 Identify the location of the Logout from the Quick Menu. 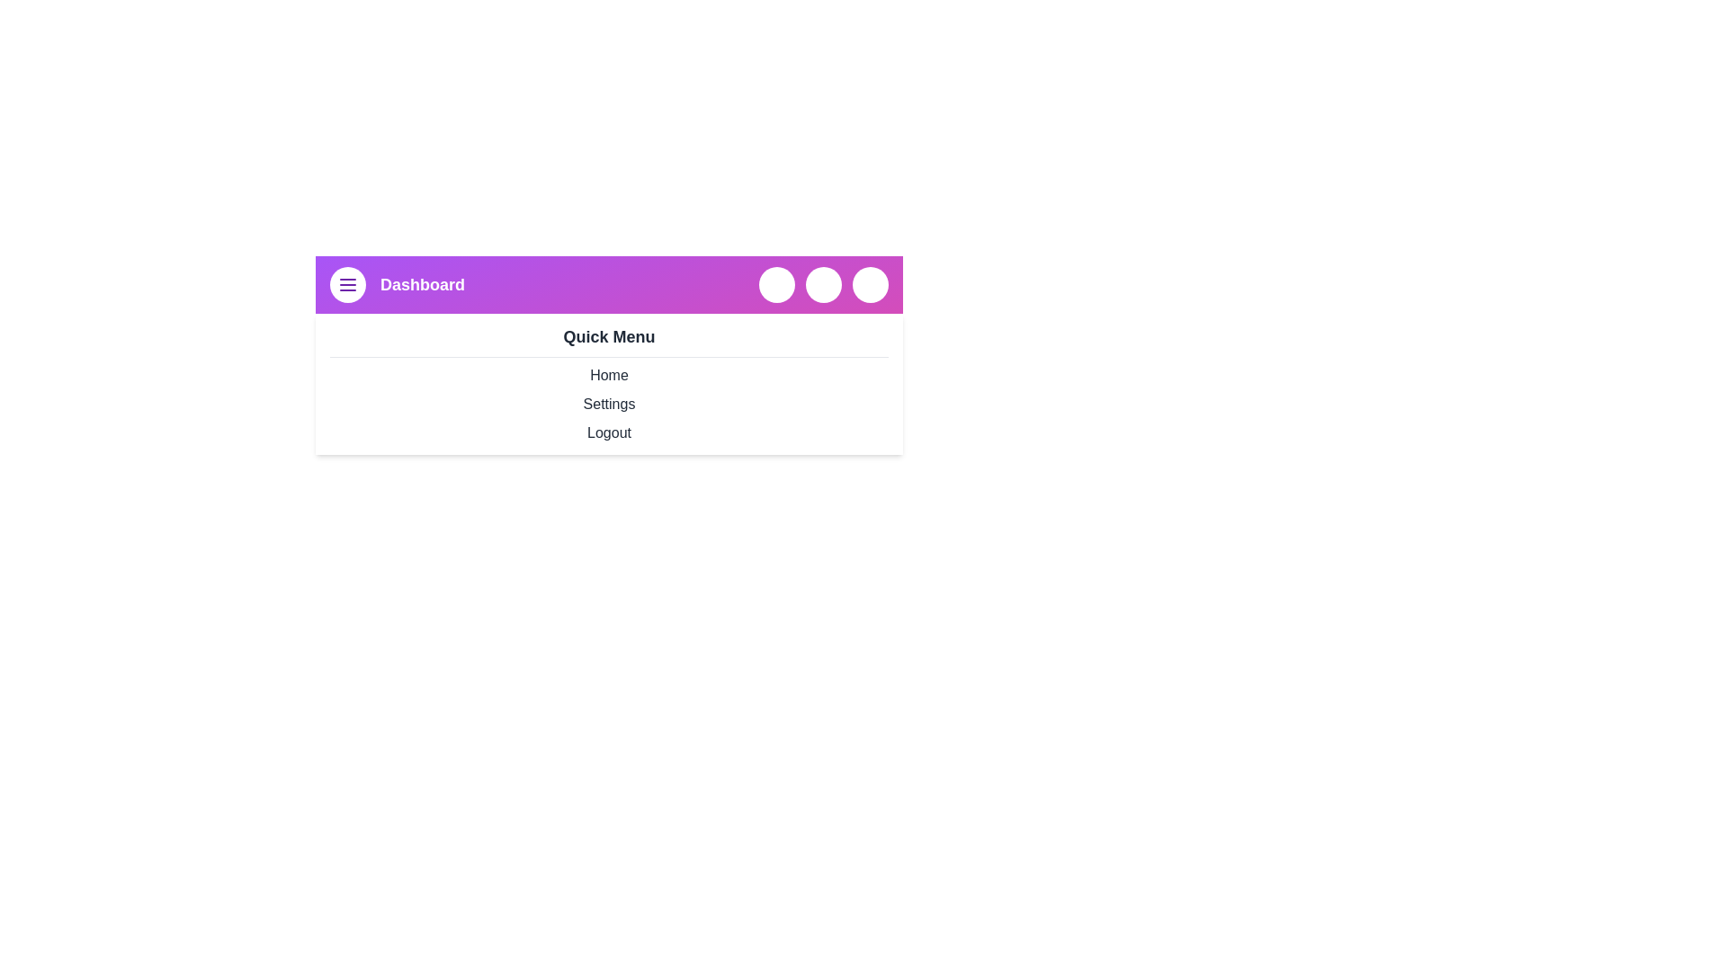
(609, 433).